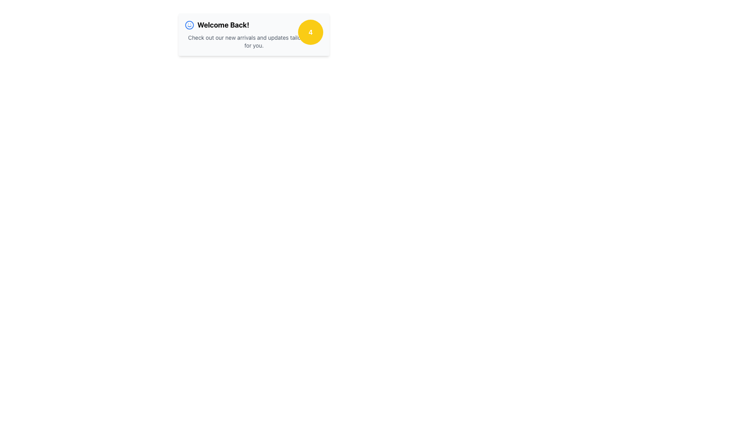 This screenshot has width=755, height=425. What do you see at coordinates (189, 25) in the screenshot?
I see `the outermost circular component of the smiley face icon, which is a blue stroked circle without fill` at bounding box center [189, 25].